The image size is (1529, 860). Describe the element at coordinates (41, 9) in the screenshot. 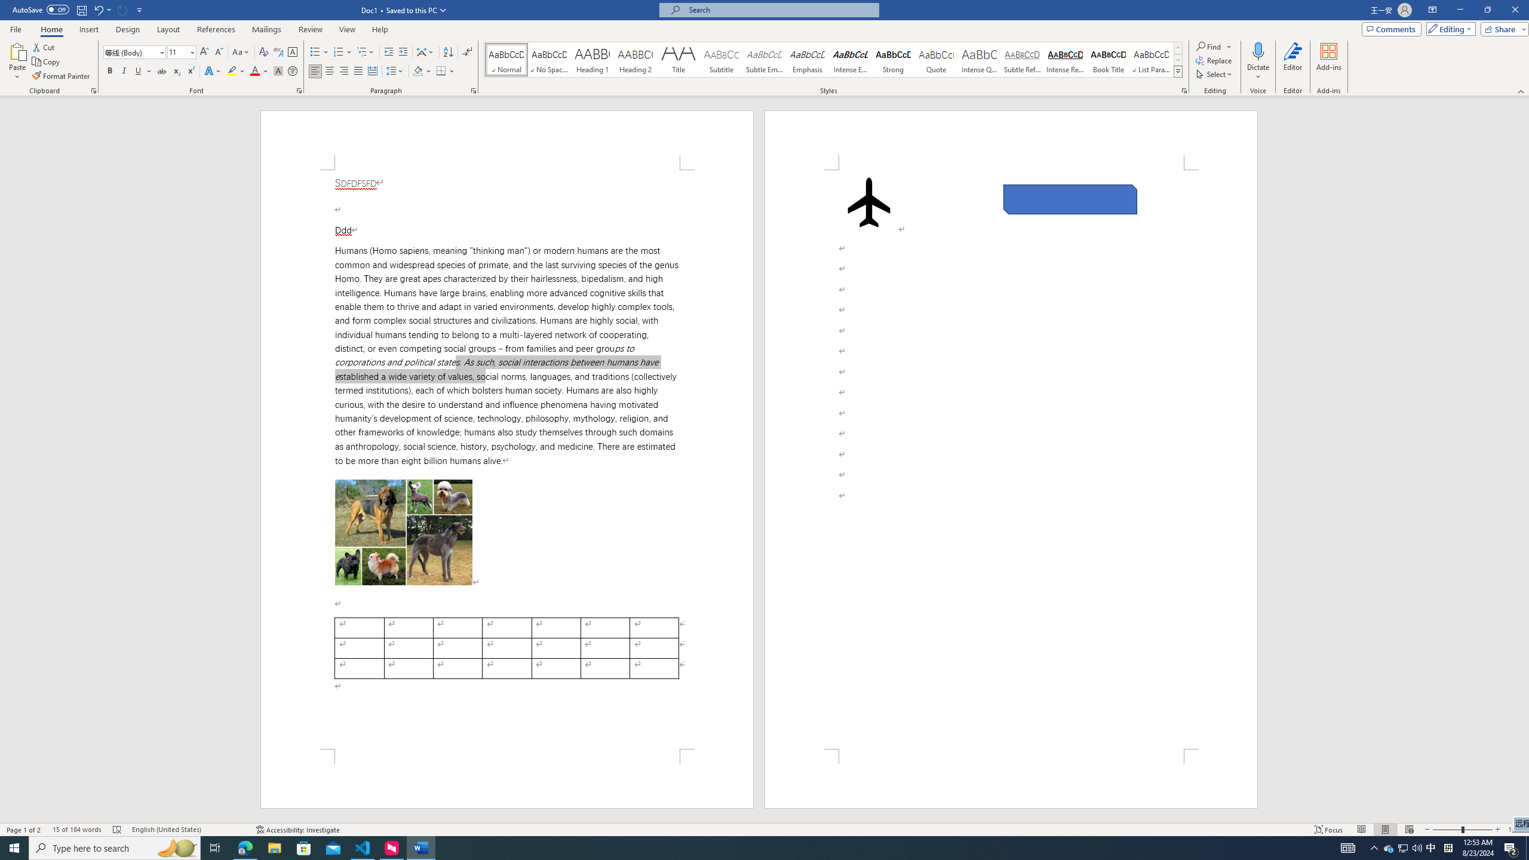

I see `'AutoSave'` at that location.